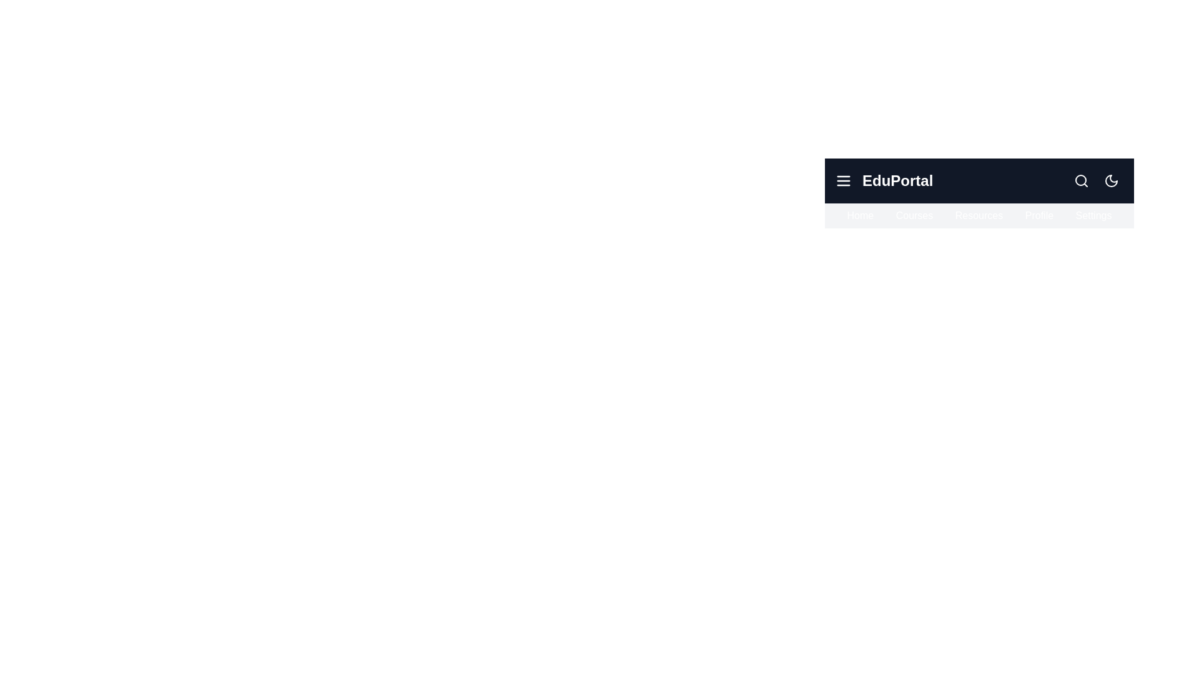 The image size is (1199, 674). Describe the element at coordinates (1112, 180) in the screenshot. I see `the toggle button to switch between dark and light modes` at that location.